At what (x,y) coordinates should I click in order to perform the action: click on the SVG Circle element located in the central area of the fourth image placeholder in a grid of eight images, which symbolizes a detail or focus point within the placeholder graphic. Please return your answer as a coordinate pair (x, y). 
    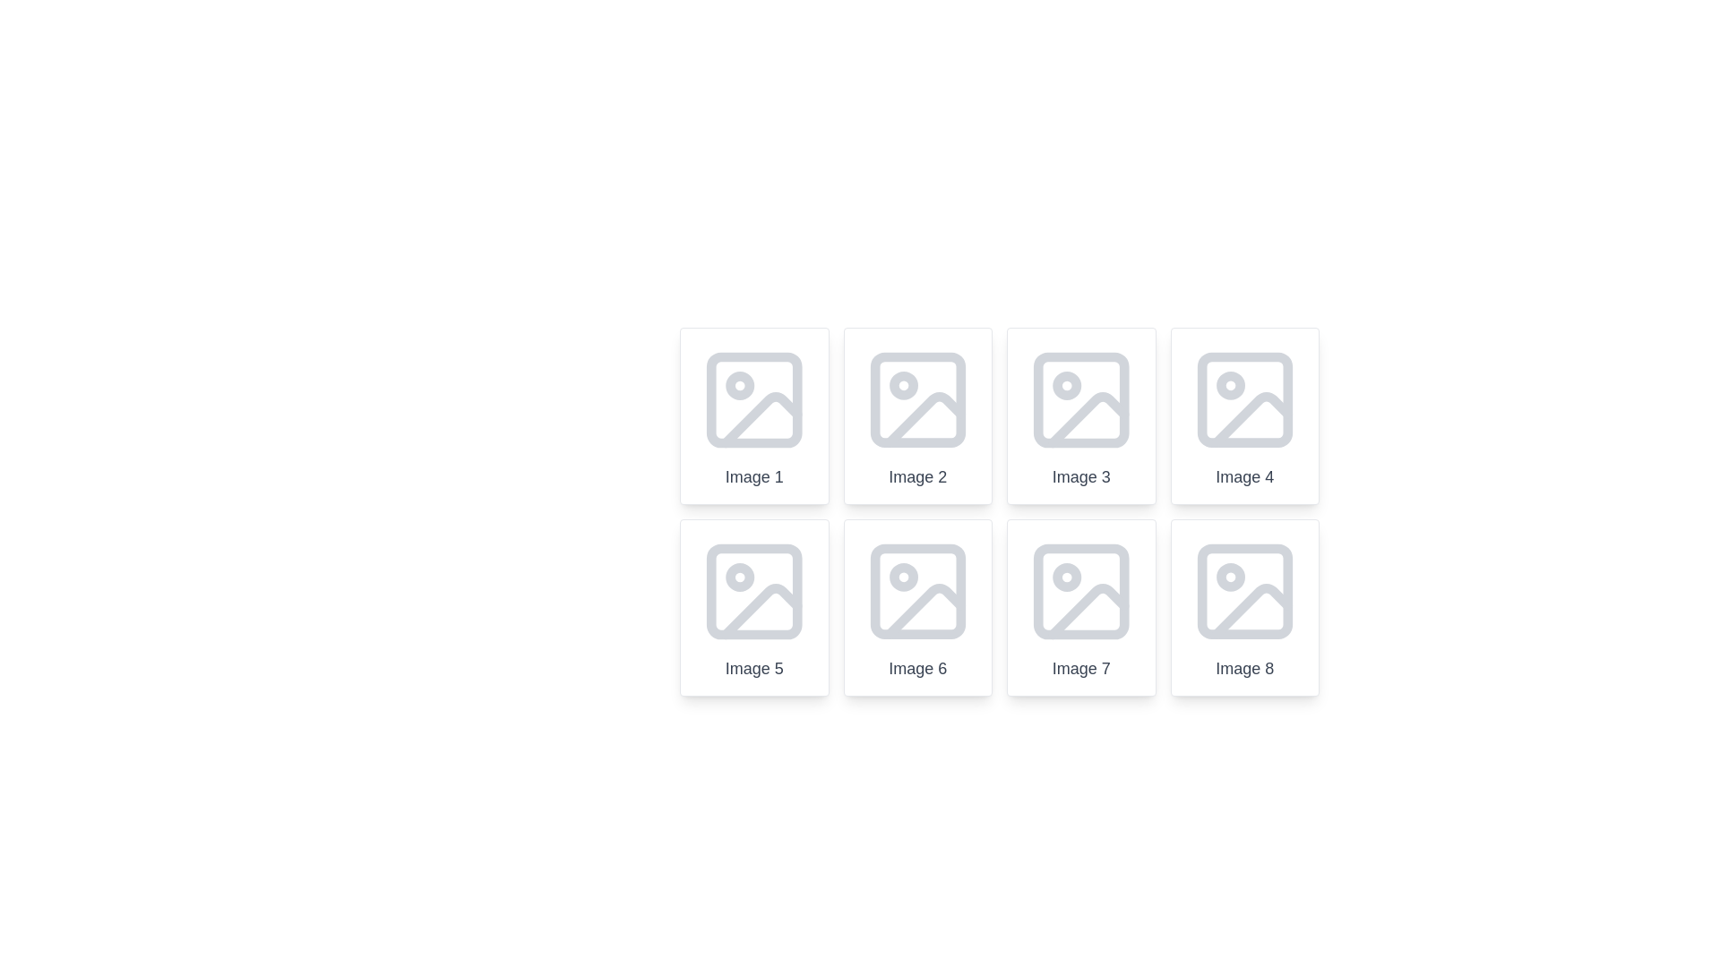
    Looking at the image, I should click on (1229, 385).